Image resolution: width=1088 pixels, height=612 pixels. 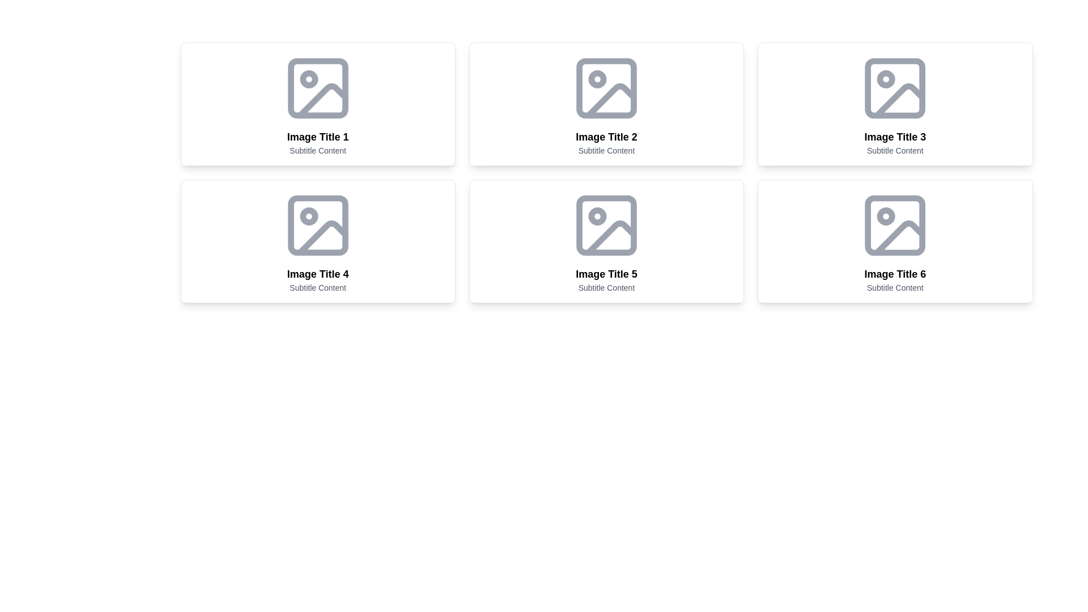 What do you see at coordinates (317, 150) in the screenshot?
I see `the text label displaying 'Subtitle Content', which is styled in a smaller gray font and positioned under the title 'Image Title 1' in the first card of the grid layout` at bounding box center [317, 150].